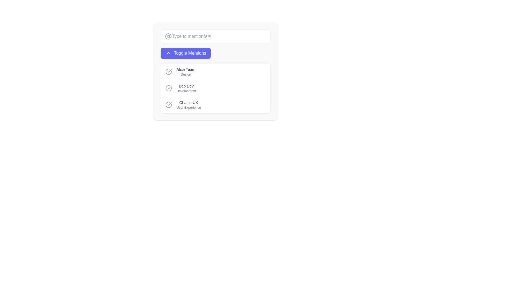 The image size is (531, 298). I want to click on the gray @-shaped icon located on the left side inside the text input field with the placeholder text 'Type to mention…', so click(168, 36).